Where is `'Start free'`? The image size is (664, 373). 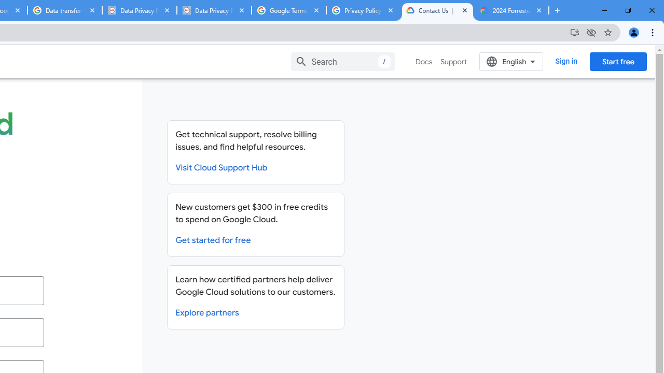
'Start free' is located at coordinates (618, 61).